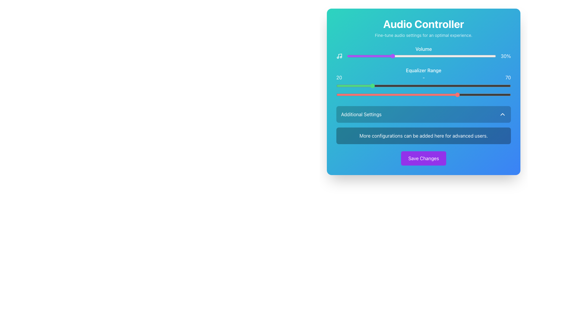 Image resolution: width=570 pixels, height=321 pixels. I want to click on the hyphen ('-') separator element located between the numbers '20' and '70' in the 'Equalizer Range' section, which is slightly below the volume slider, so click(423, 77).